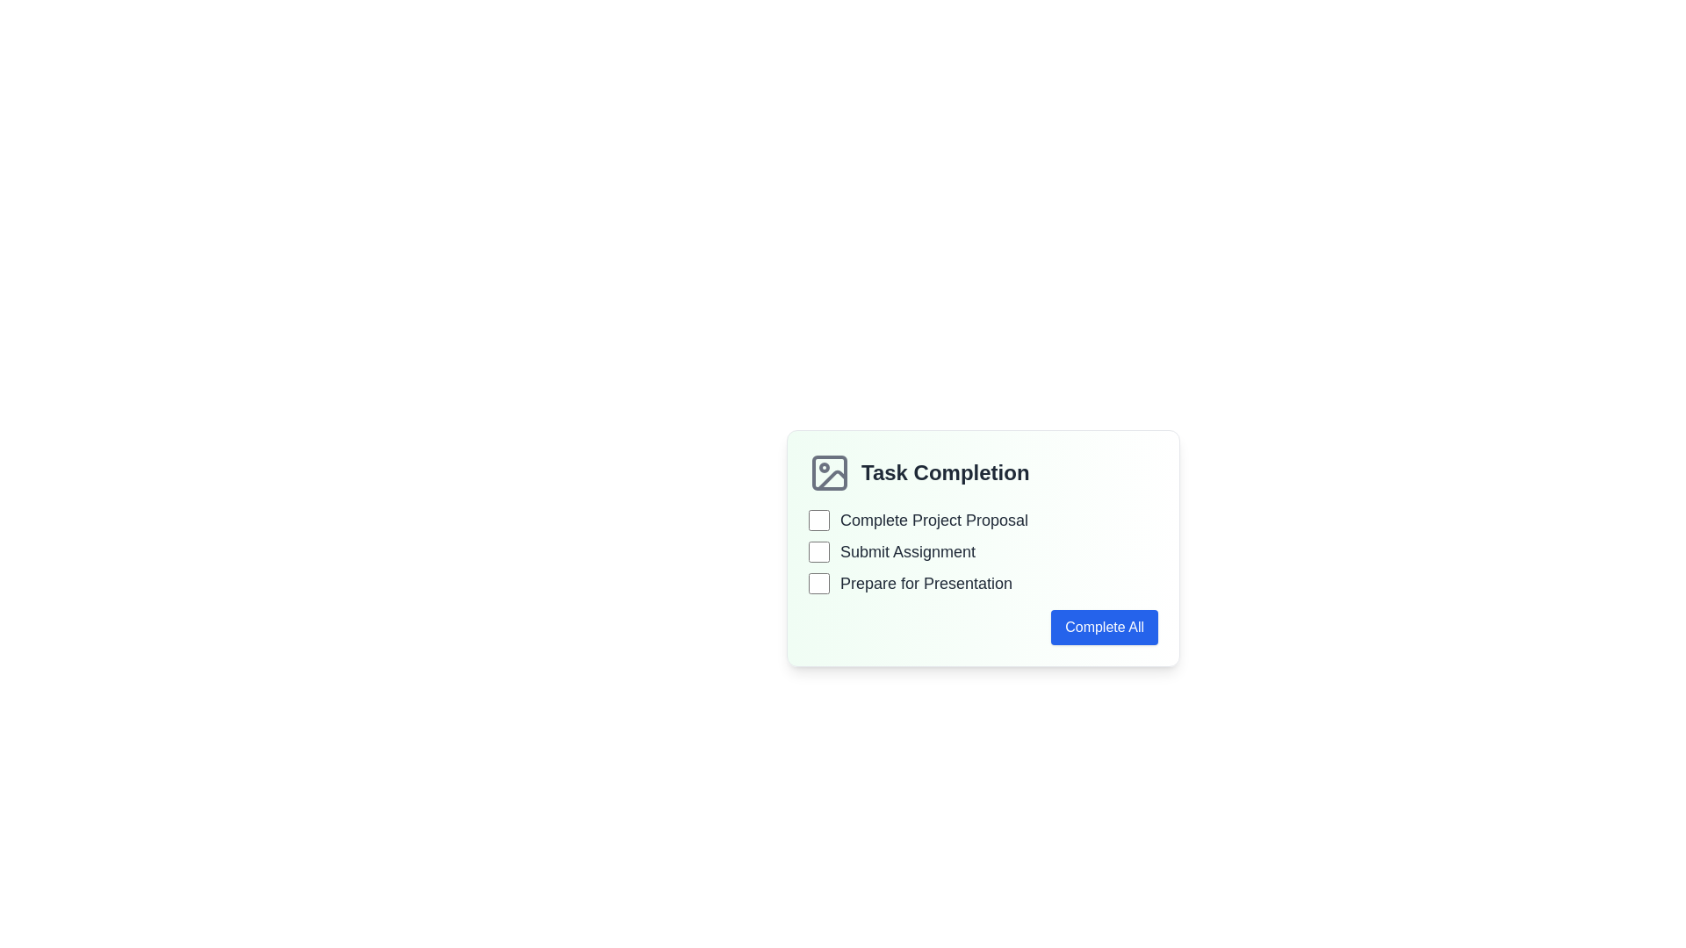 The height and width of the screenshot is (948, 1686). Describe the element at coordinates (908, 550) in the screenshot. I see `the text label 'Submit Assignment' which is styled in a larger font size and dark gray color, located` at that location.